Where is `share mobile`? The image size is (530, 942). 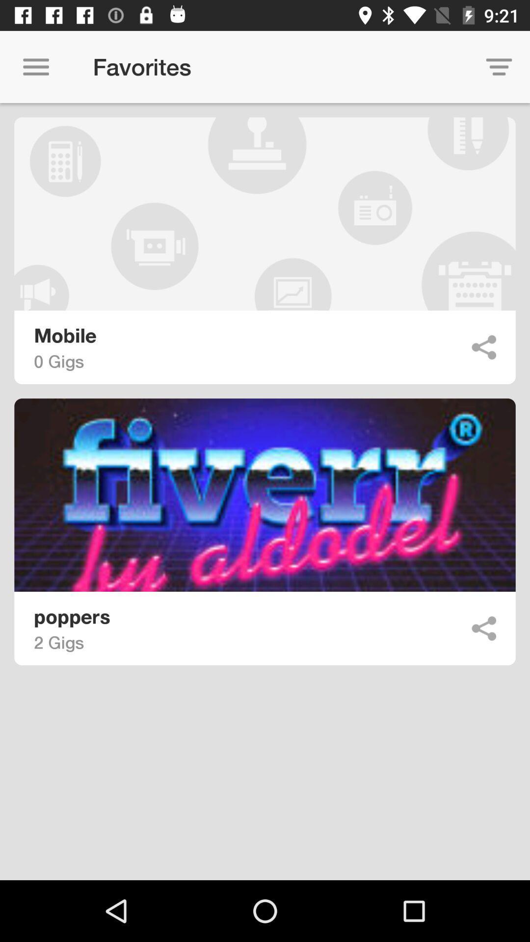 share mobile is located at coordinates (483, 347).